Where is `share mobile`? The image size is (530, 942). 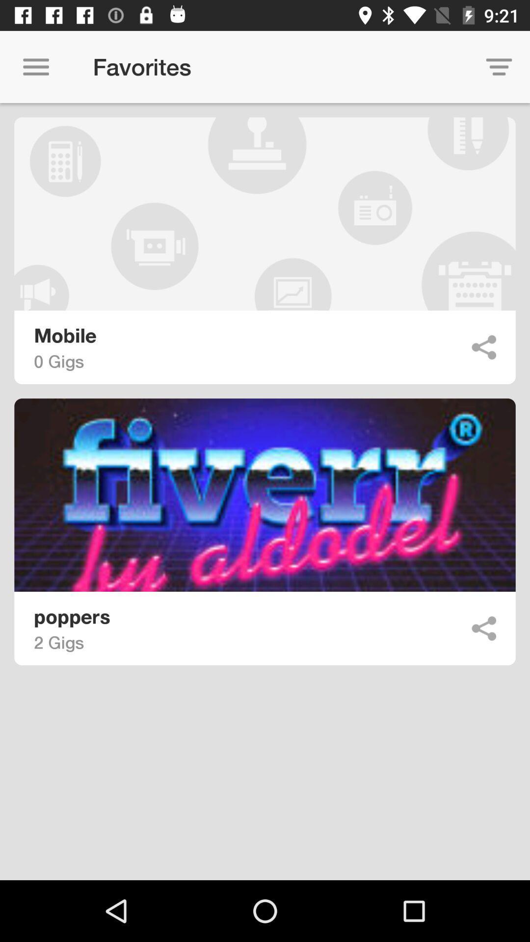 share mobile is located at coordinates (483, 347).